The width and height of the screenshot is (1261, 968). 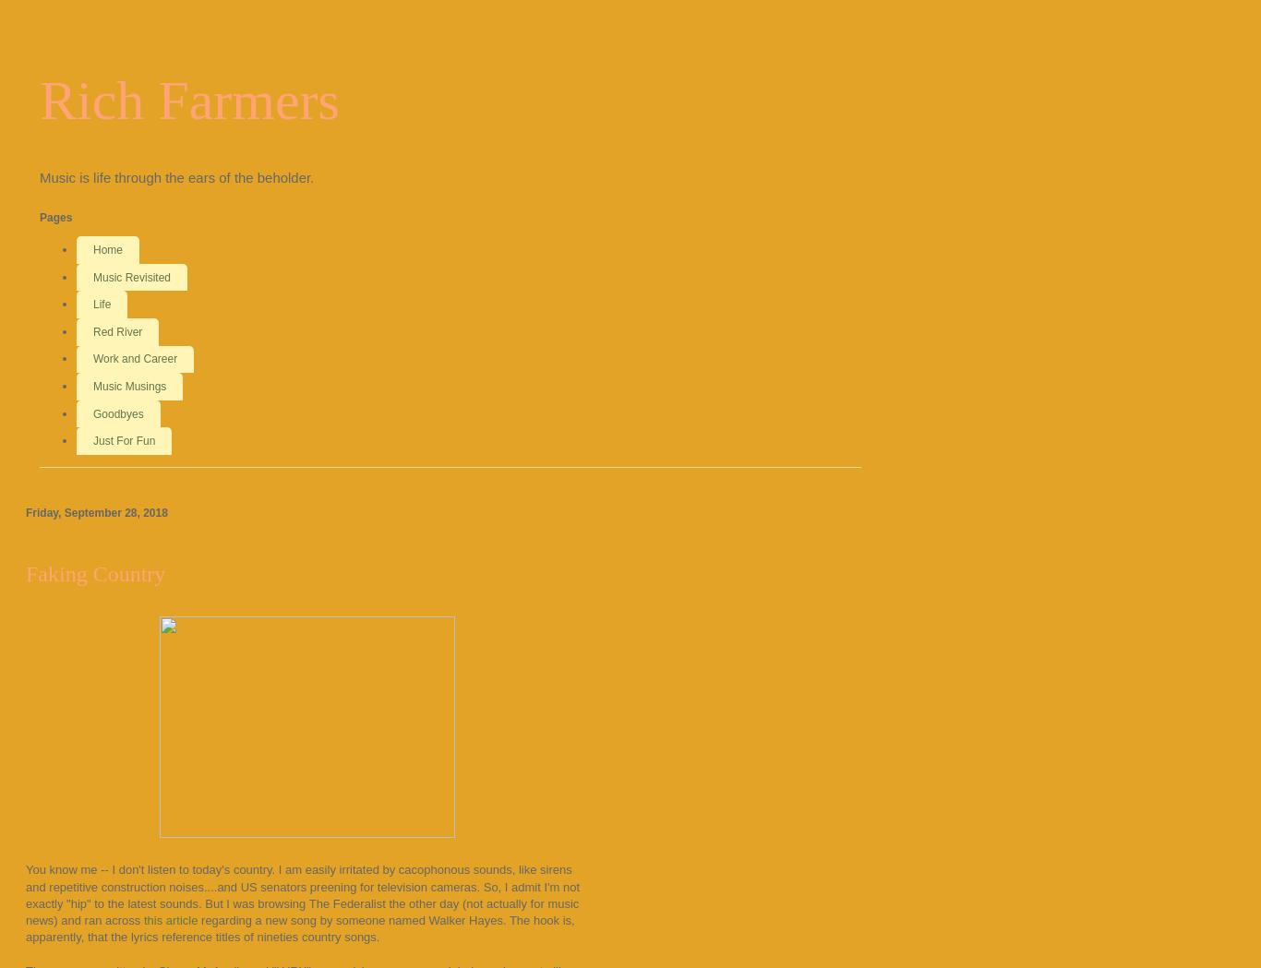 What do you see at coordinates (95, 573) in the screenshot?
I see `'Faking Country'` at bounding box center [95, 573].